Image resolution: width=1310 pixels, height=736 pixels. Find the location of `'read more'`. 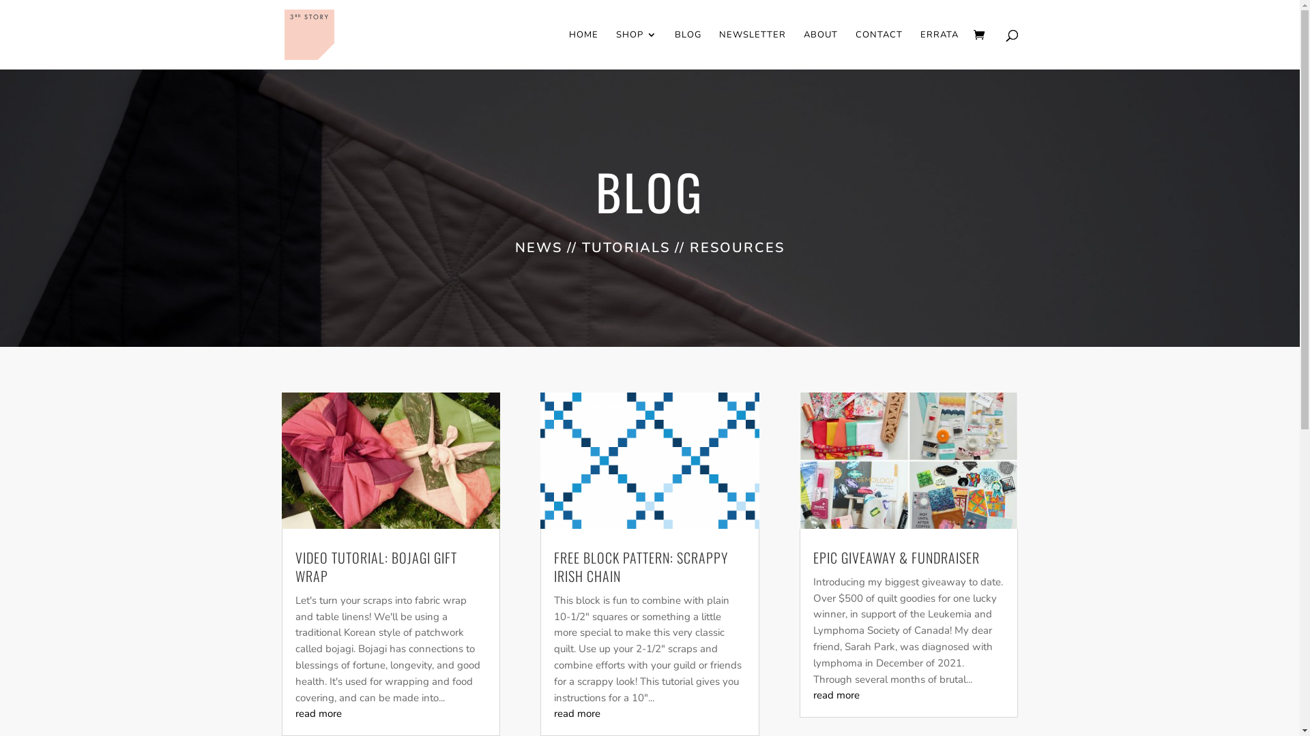

'read more' is located at coordinates (294, 712).